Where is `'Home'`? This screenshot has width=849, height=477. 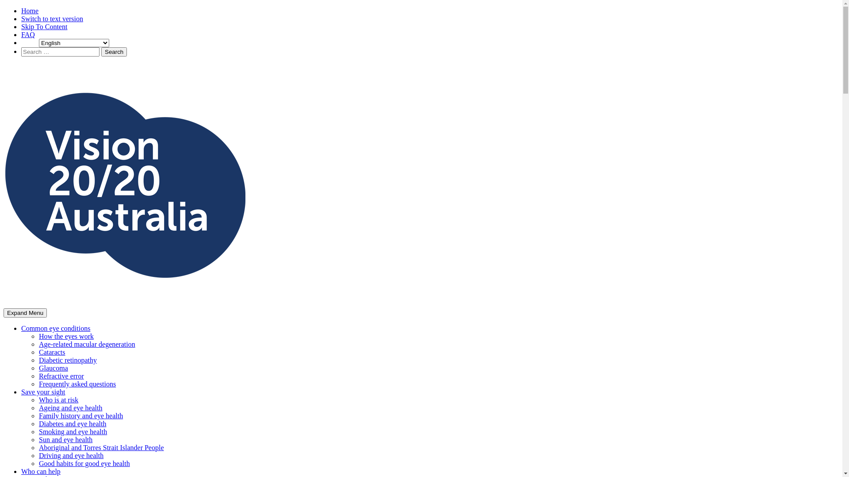
'Home' is located at coordinates (30, 11).